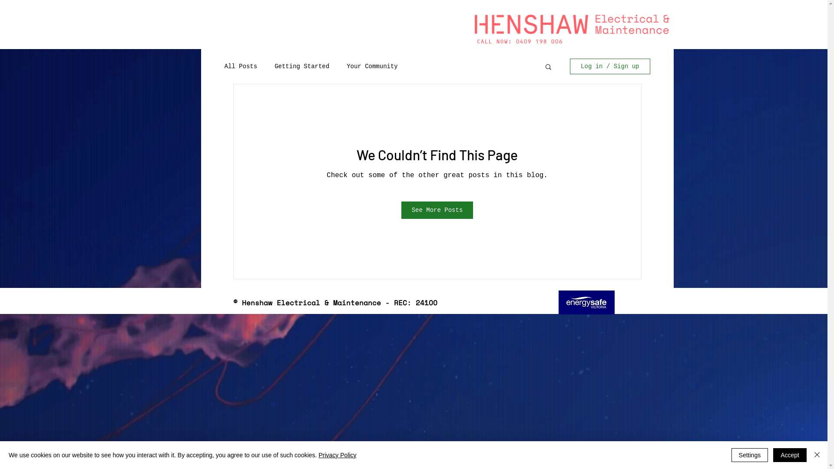  What do you see at coordinates (372, 66) in the screenshot?
I see `'Your Community'` at bounding box center [372, 66].